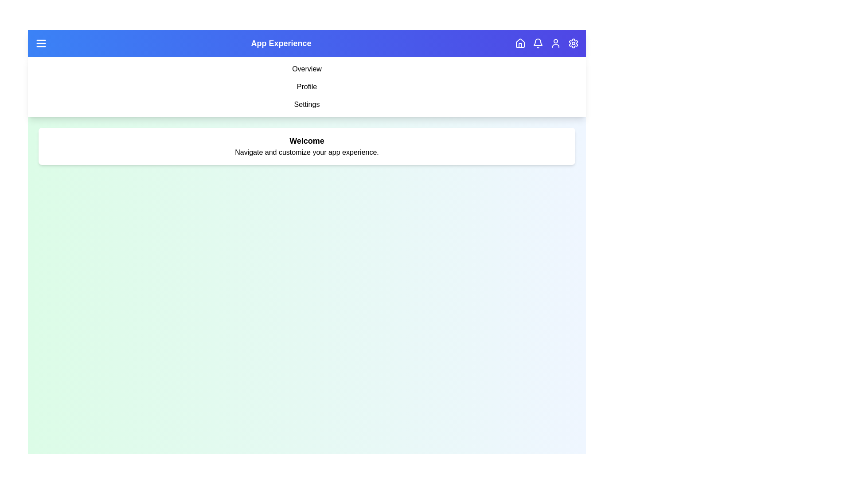 The width and height of the screenshot is (851, 479). Describe the element at coordinates (538, 43) in the screenshot. I see `the navigation button corresponding to notifications` at that location.